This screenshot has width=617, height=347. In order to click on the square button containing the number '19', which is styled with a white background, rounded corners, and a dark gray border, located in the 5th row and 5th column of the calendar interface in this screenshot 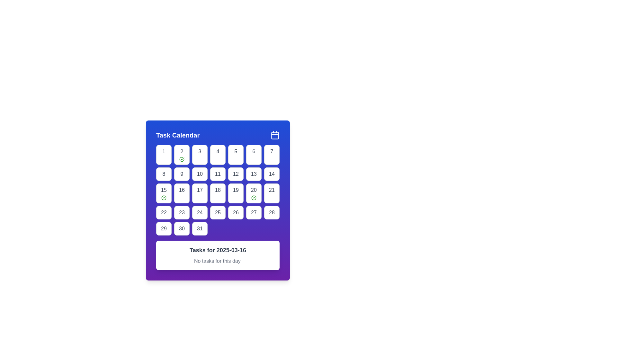, I will do `click(236, 193)`.